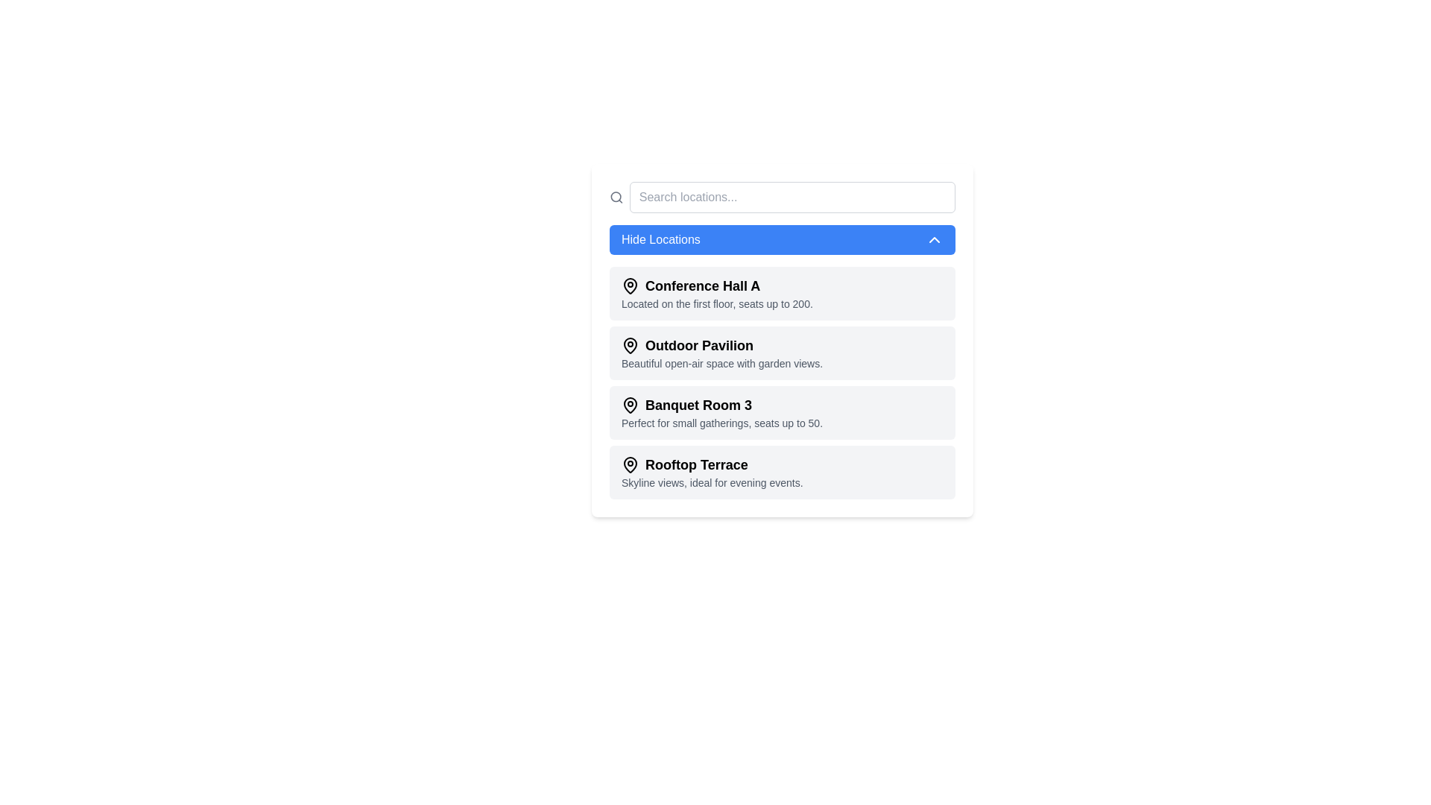 This screenshot has width=1431, height=805. I want to click on the location feature icon associated with the text label 'Conference Hall A', which is positioned to the immediate left of the label, so click(630, 286).